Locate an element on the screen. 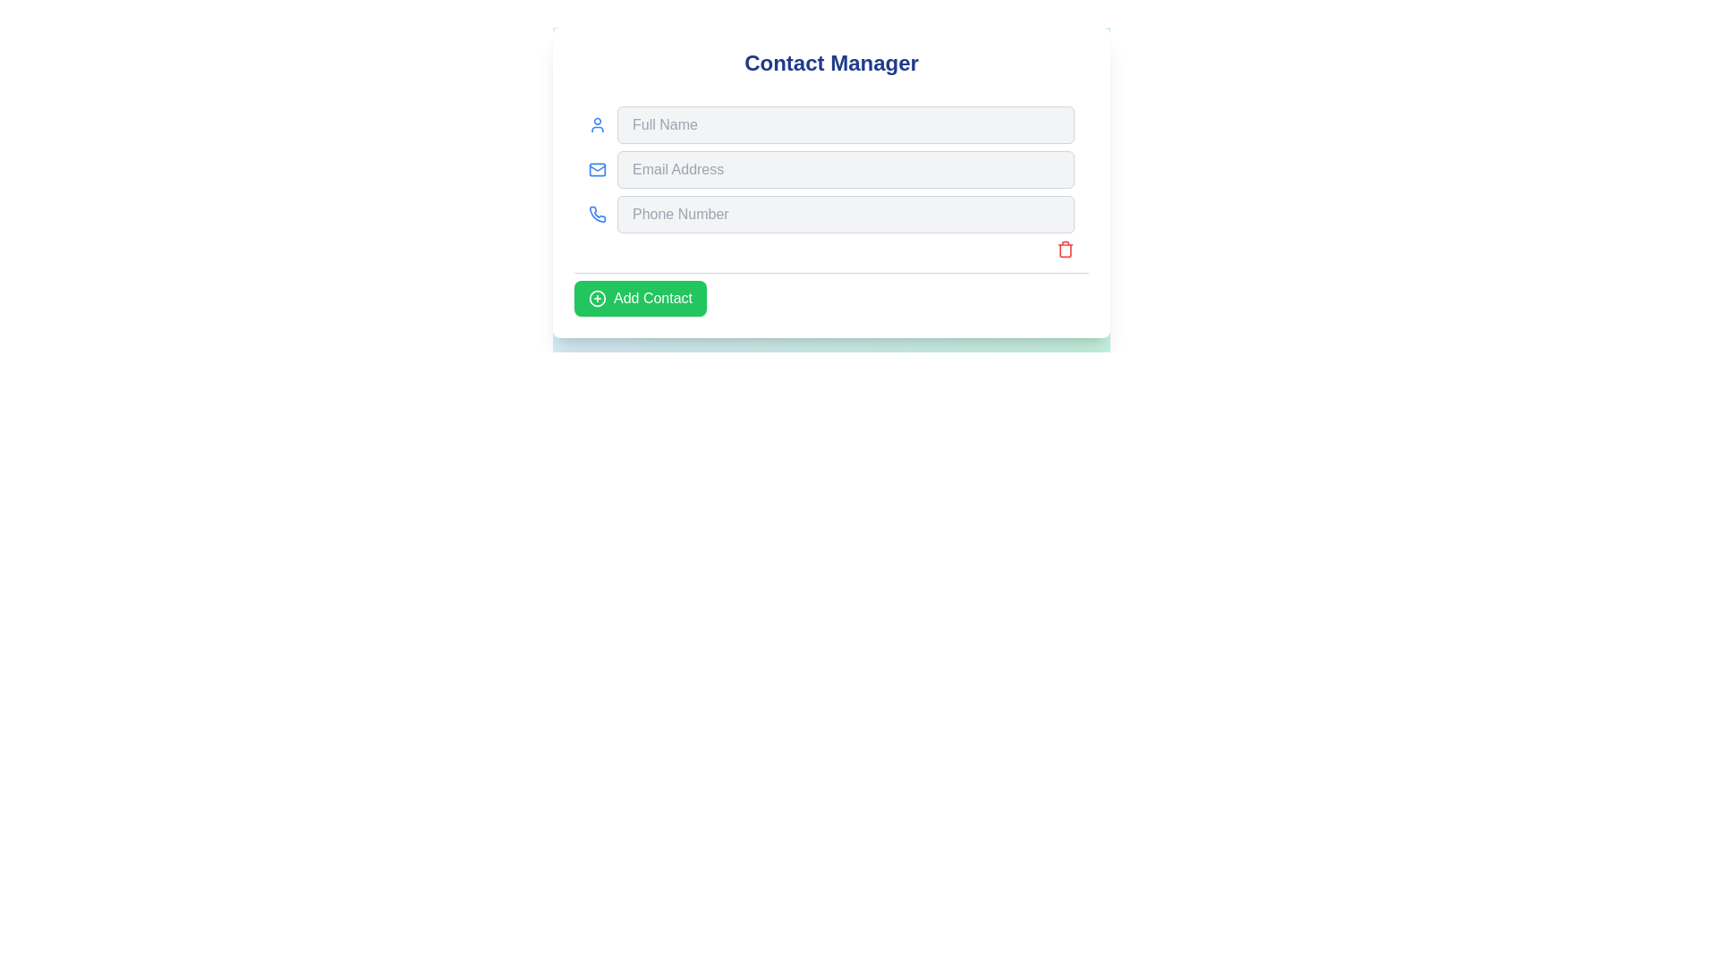  the user profile icon located to the left of the 'Full Name' input field in the 'Contact Manager' UI is located at coordinates (597, 123).